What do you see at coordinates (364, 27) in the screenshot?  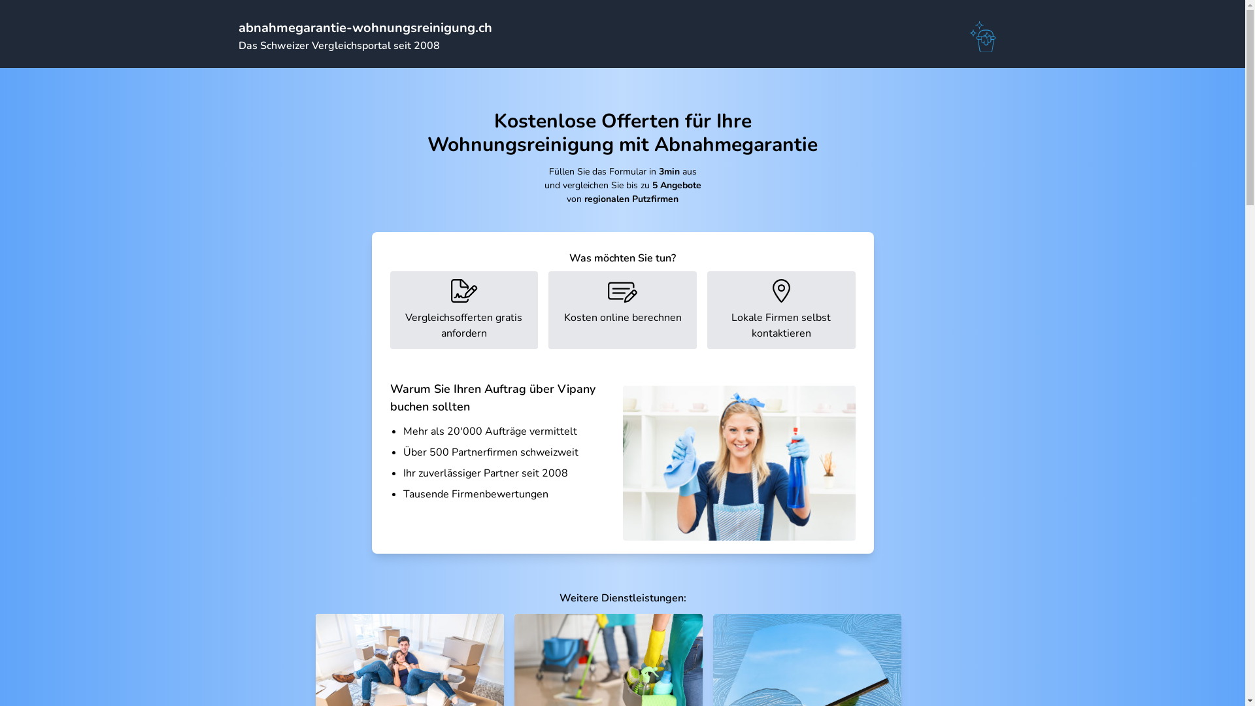 I see `'abnahmegarantie-wohnungsreinigung.ch'` at bounding box center [364, 27].